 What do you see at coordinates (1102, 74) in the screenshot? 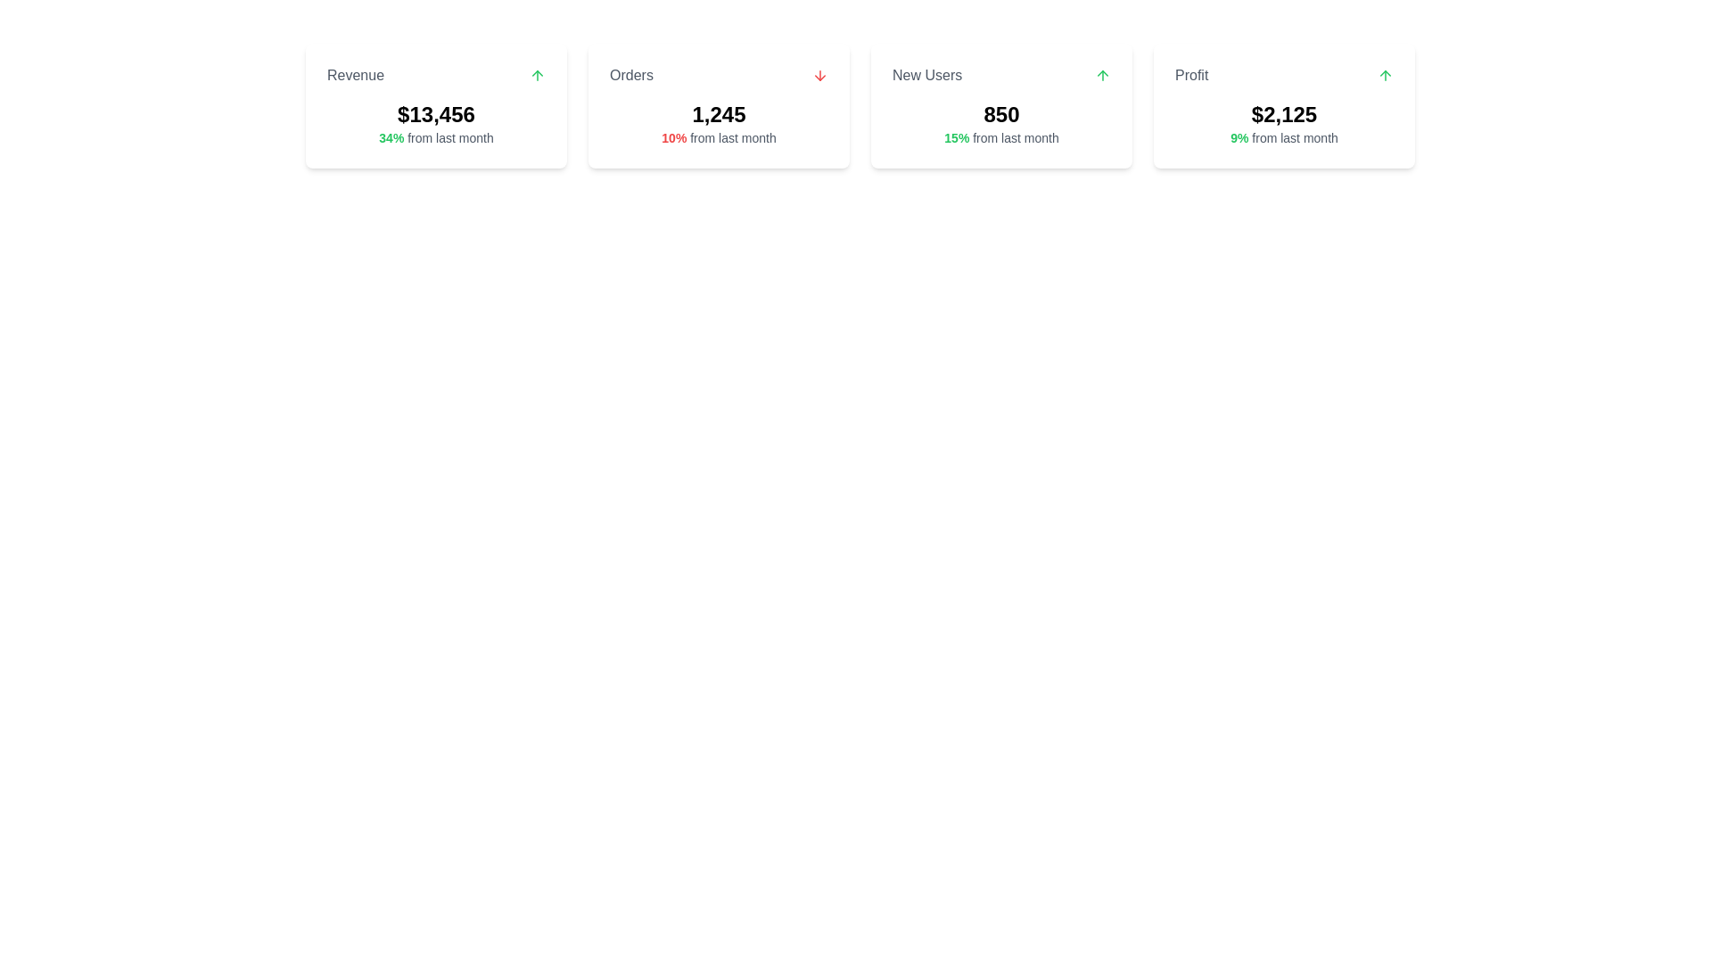
I see `the visual indication of the upward arrow icon located in the 'New Users' section card, at the top-right corner adjacent to the user count display` at bounding box center [1102, 74].